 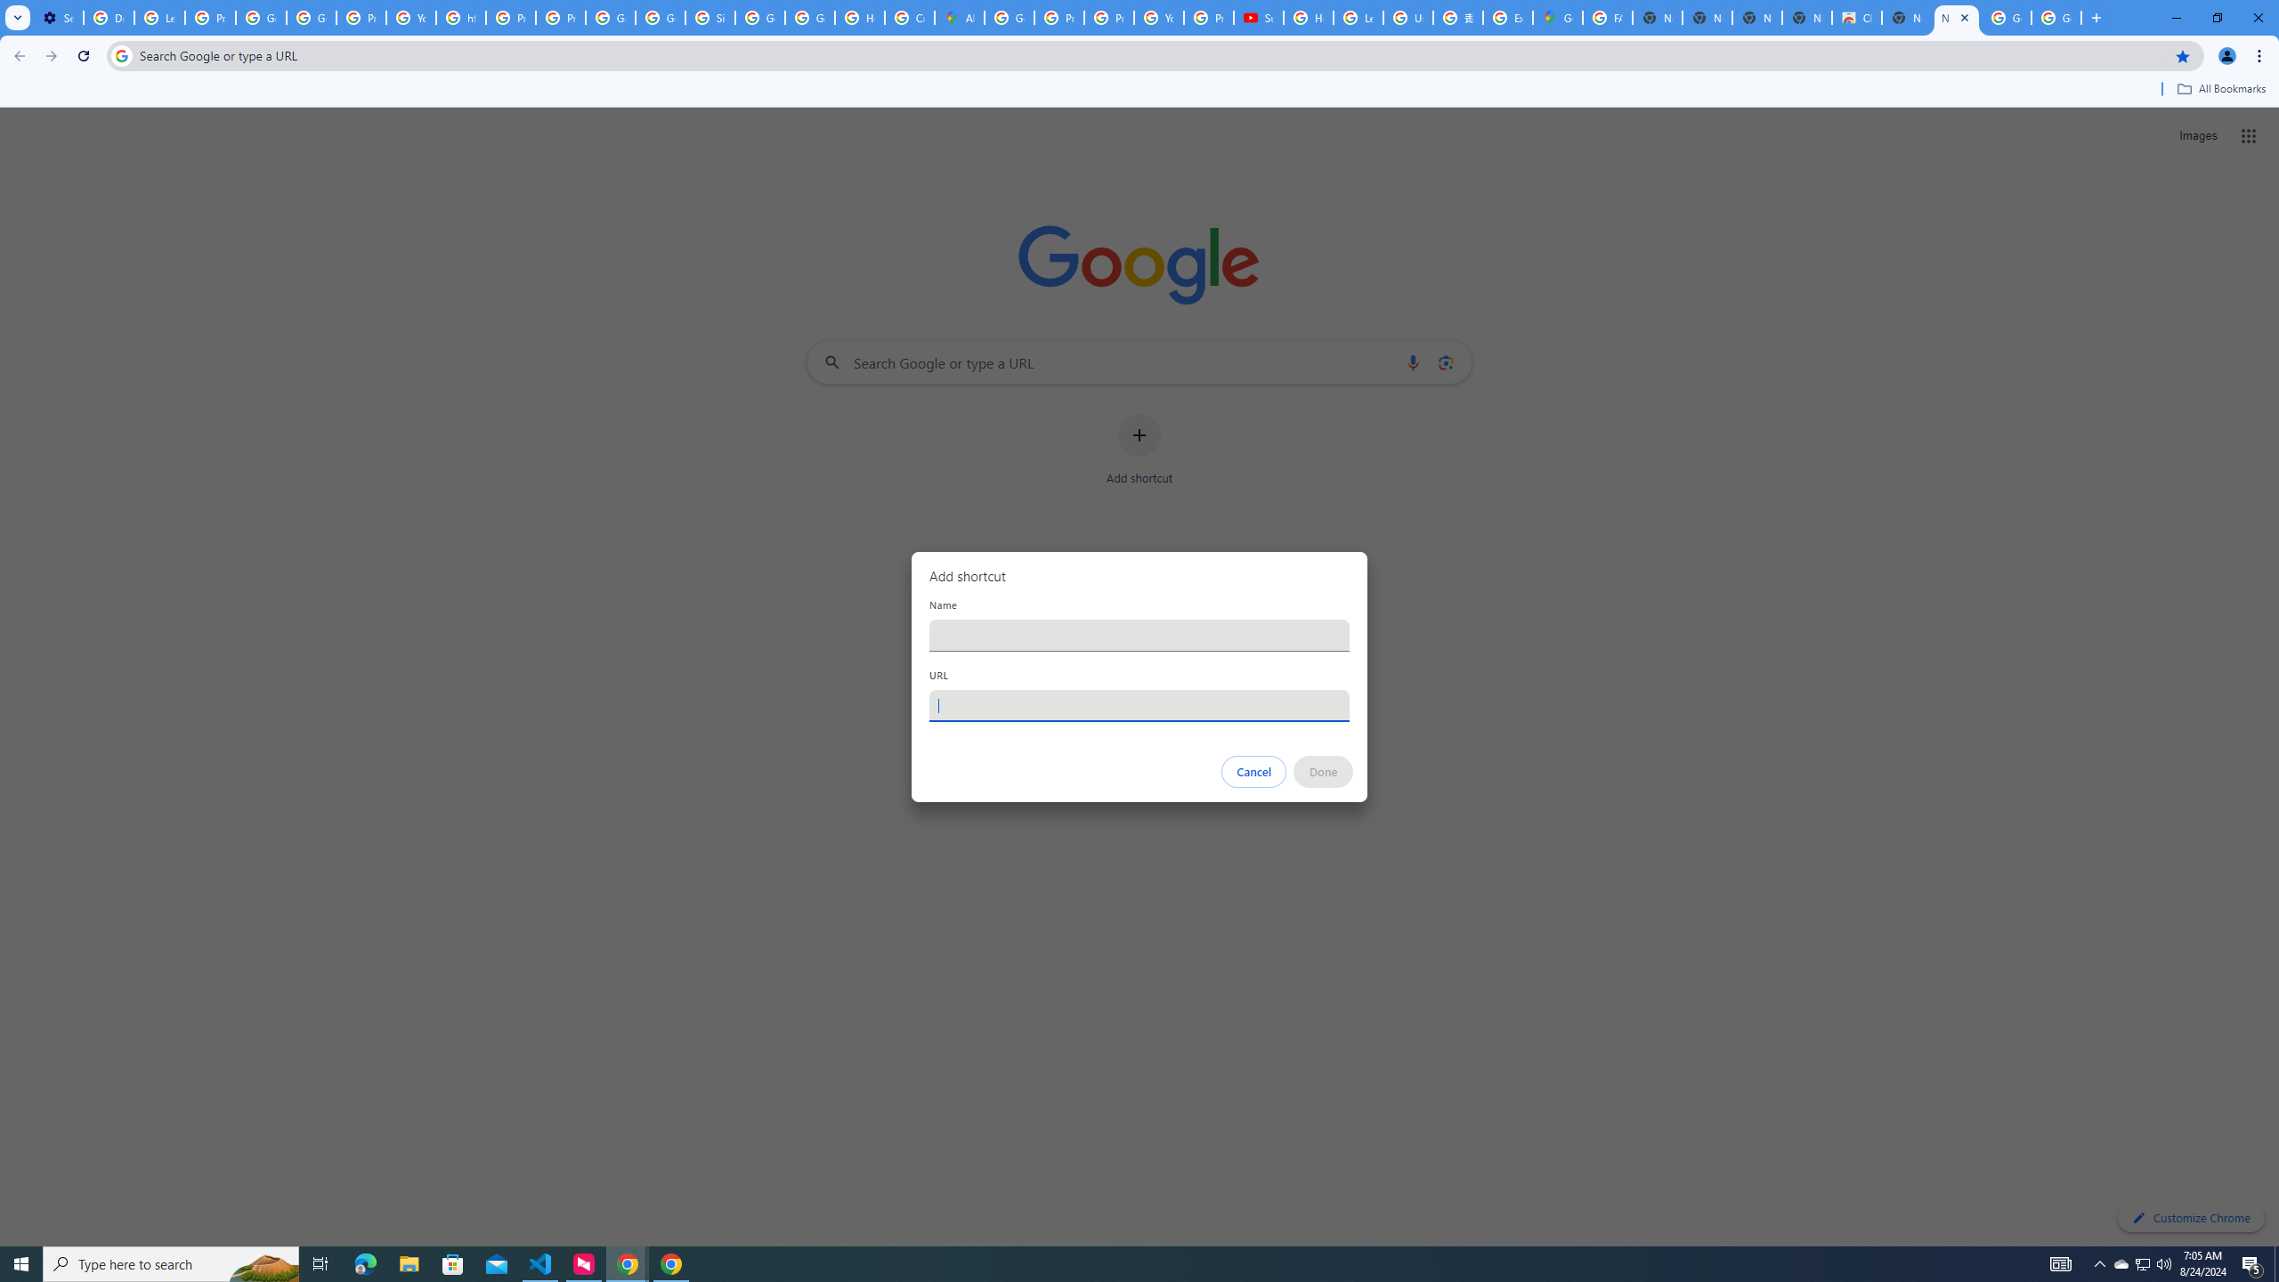 I want to click on 'Delete photos & videos - Computer - Google Photos Help', so click(x=108, y=17).